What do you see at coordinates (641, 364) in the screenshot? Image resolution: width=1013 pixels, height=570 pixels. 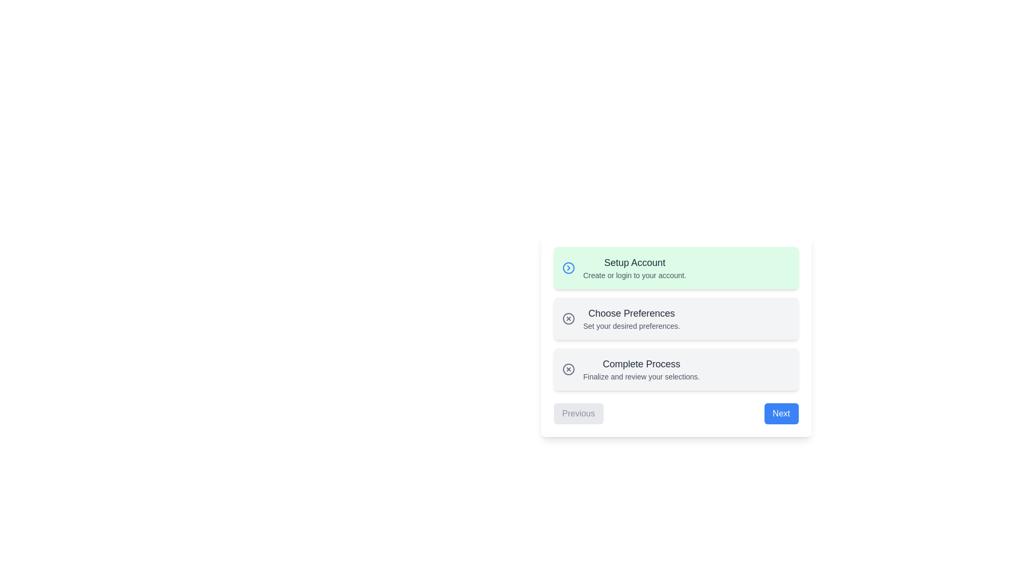 I see `the label that represents a step in the sequential process, located above the text 'Finalize and review your selections.'` at bounding box center [641, 364].